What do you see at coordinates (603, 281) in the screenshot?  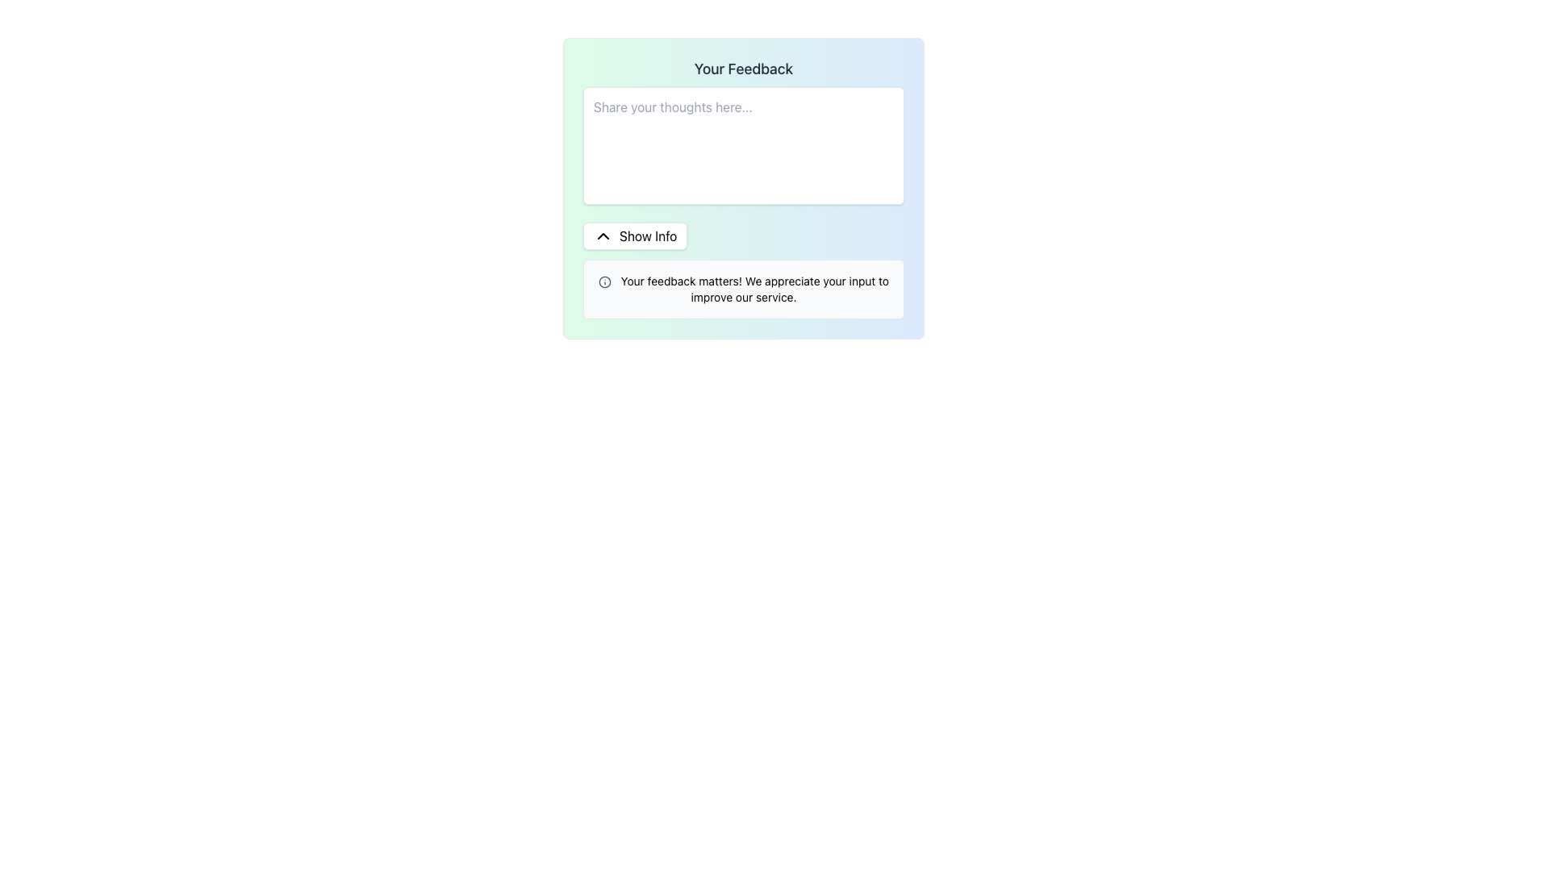 I see `the circular icon with a hollow circle located in the upper-right region of the feedback form interface` at bounding box center [603, 281].